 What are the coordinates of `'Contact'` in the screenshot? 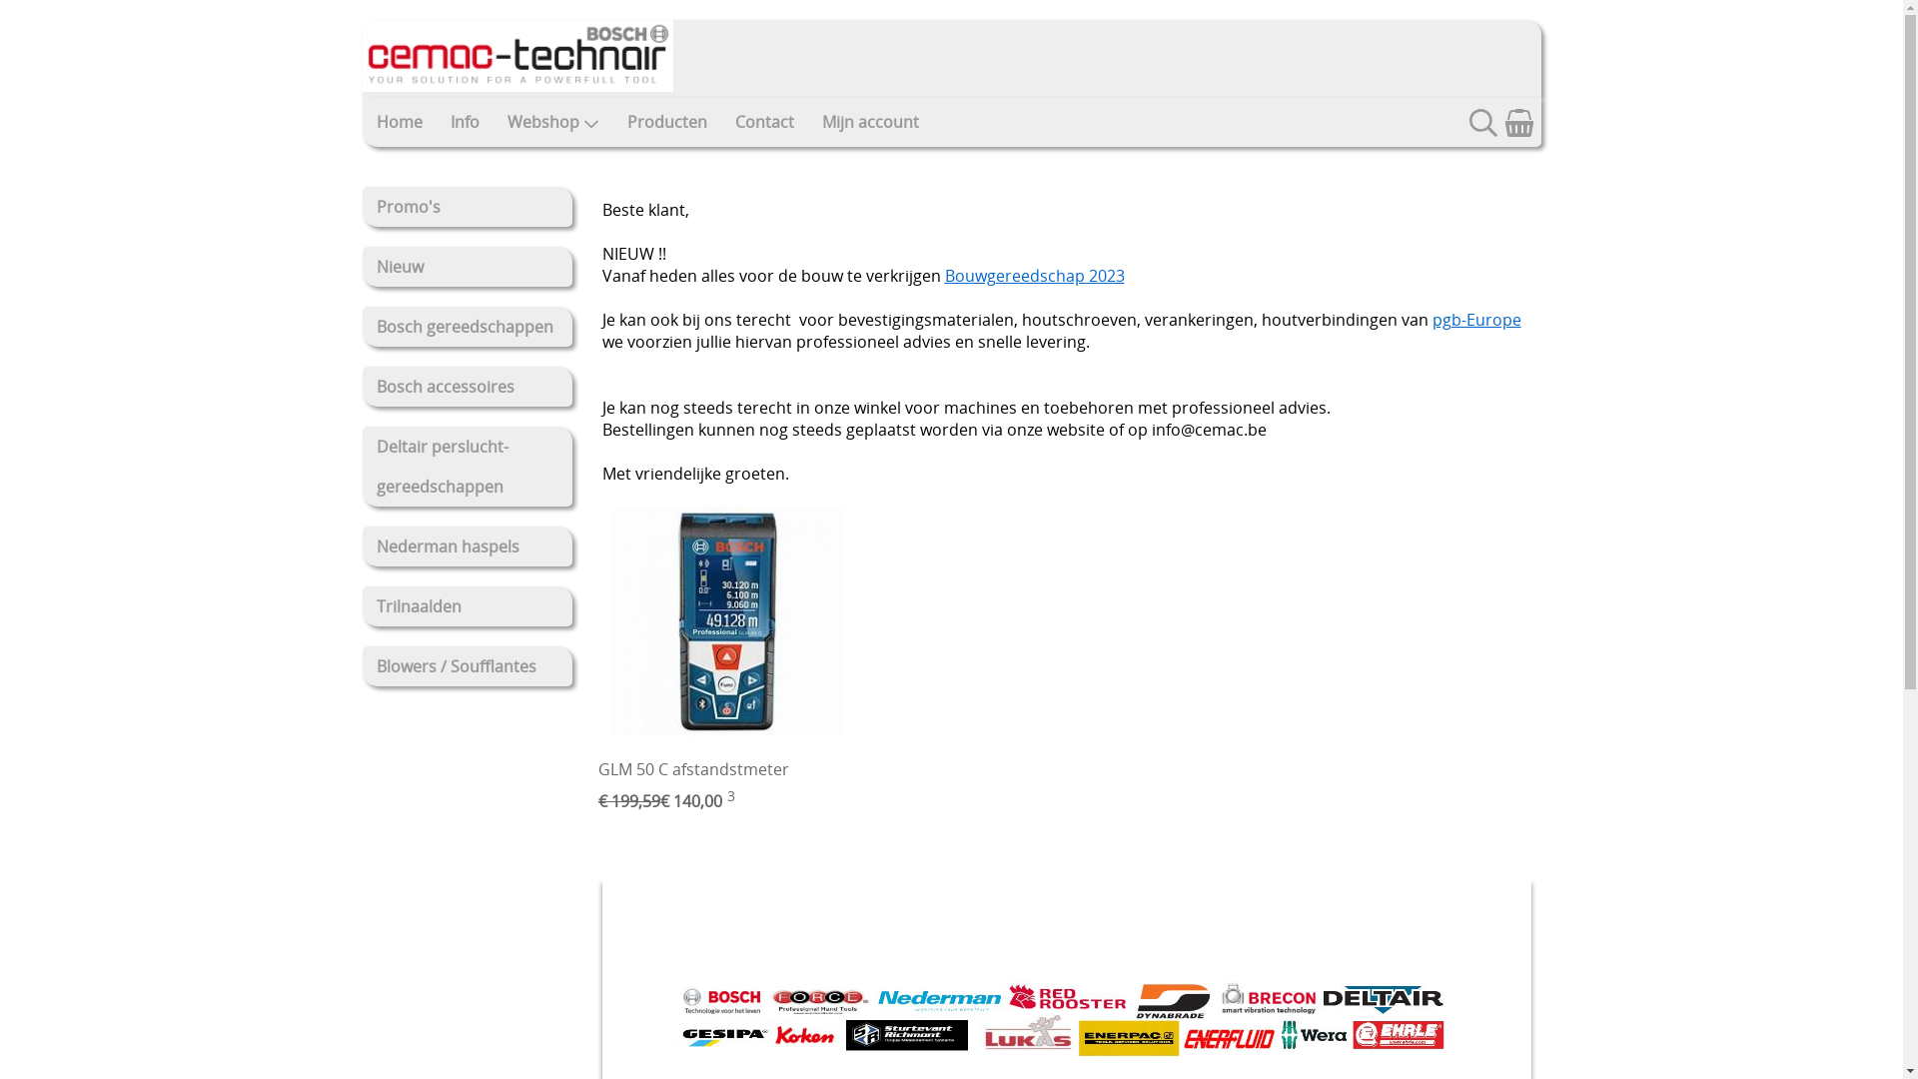 It's located at (763, 122).